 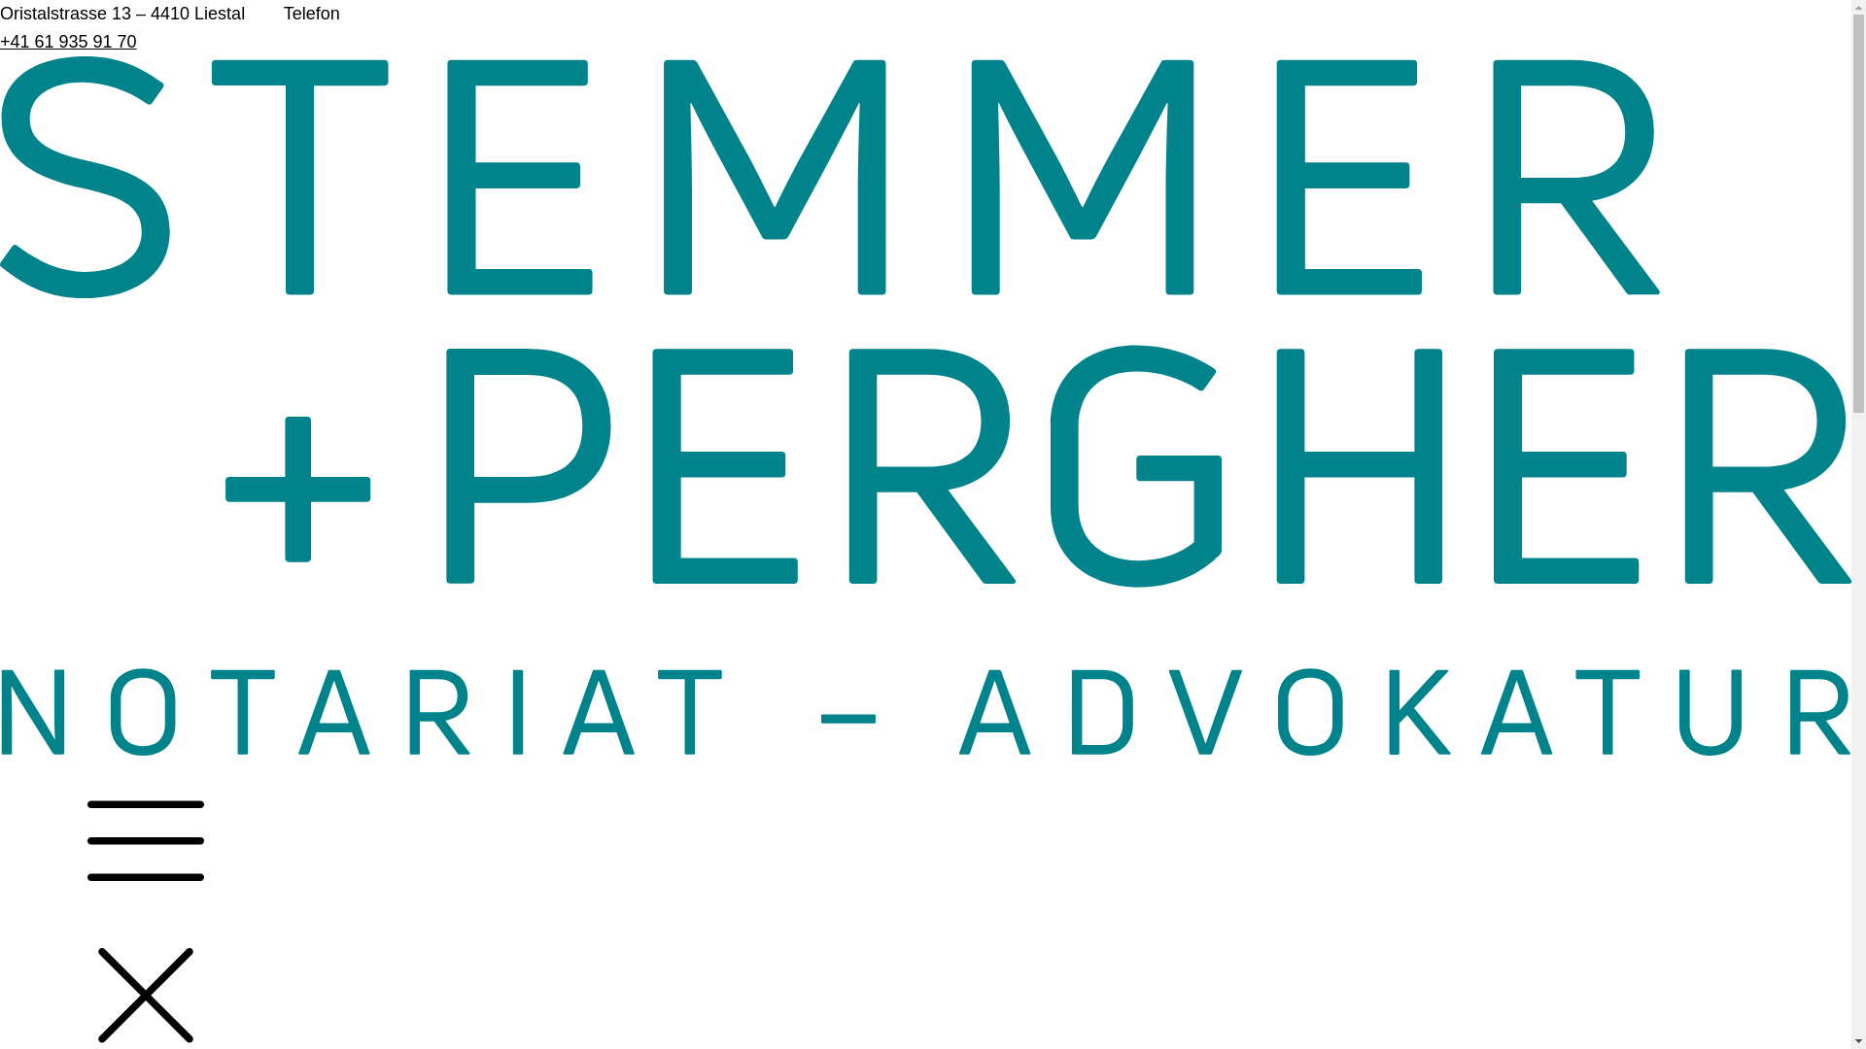 I want to click on '+41 61 935 91 70', so click(x=68, y=41).